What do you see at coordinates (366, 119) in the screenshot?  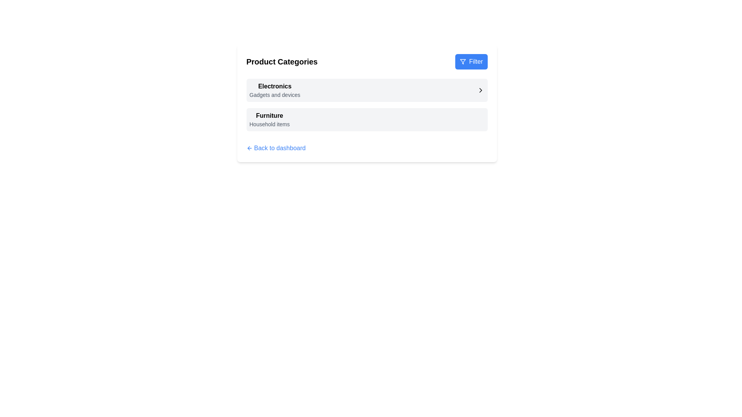 I see `the 'Furniture' category list item, which is the second item in the vertical list under 'Product Categories'` at bounding box center [366, 119].